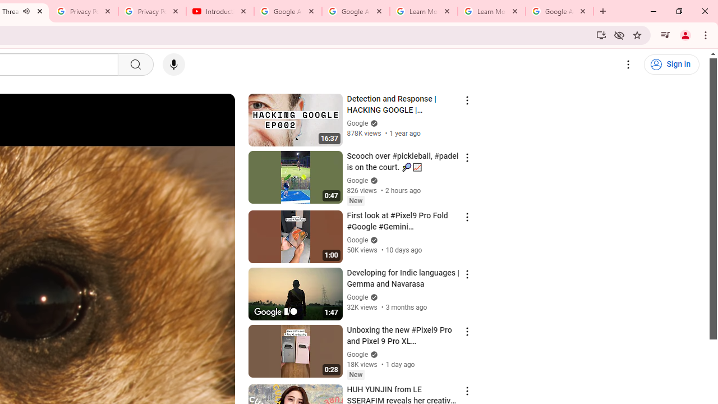 This screenshot has width=718, height=404. Describe the element at coordinates (173, 65) in the screenshot. I see `'Search with your voice'` at that location.